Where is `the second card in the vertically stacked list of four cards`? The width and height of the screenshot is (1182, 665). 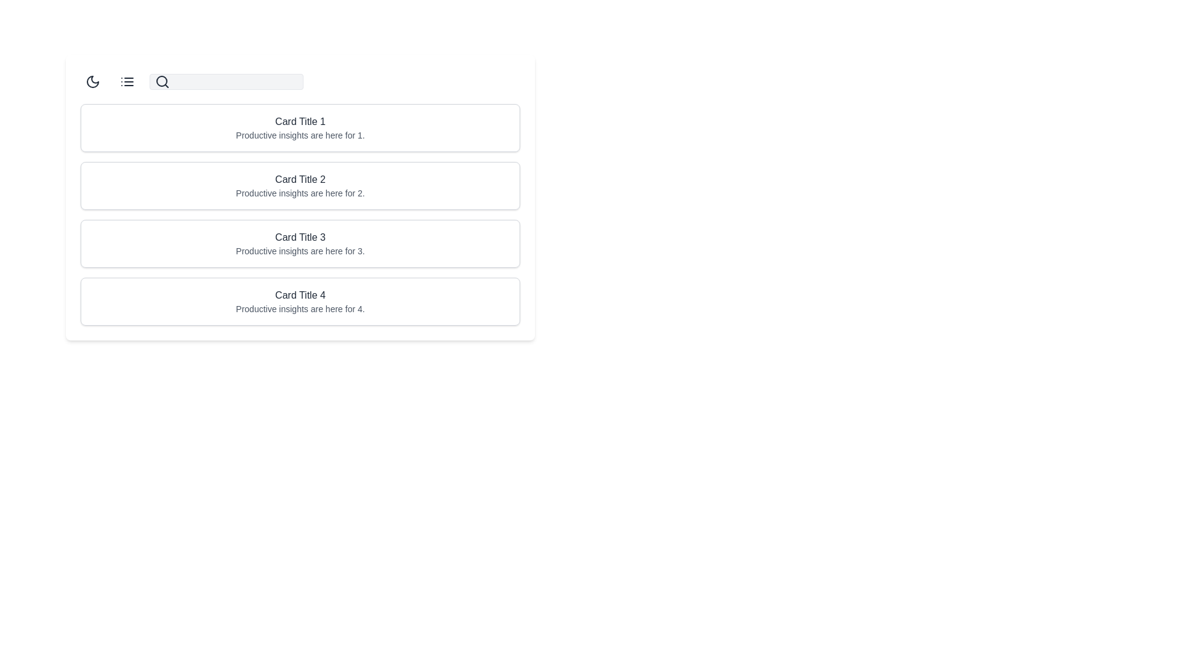
the second card in the vertically stacked list of four cards is located at coordinates (300, 185).